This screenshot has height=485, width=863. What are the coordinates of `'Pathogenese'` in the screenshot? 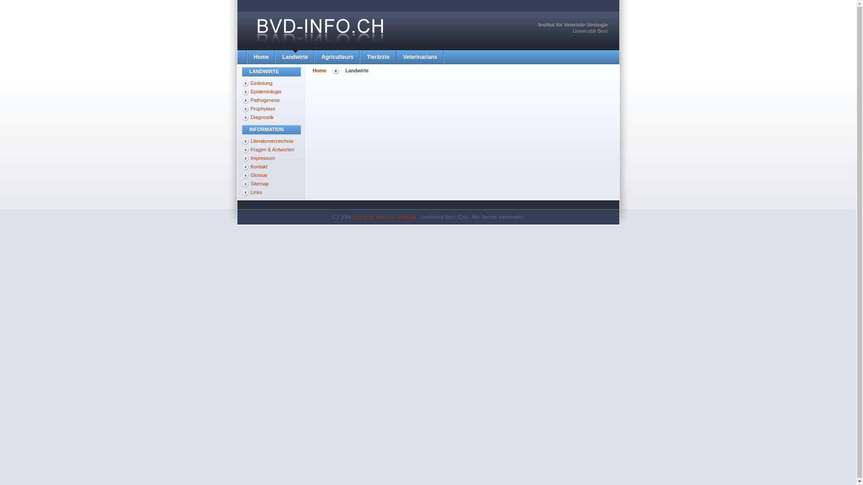 It's located at (271, 100).